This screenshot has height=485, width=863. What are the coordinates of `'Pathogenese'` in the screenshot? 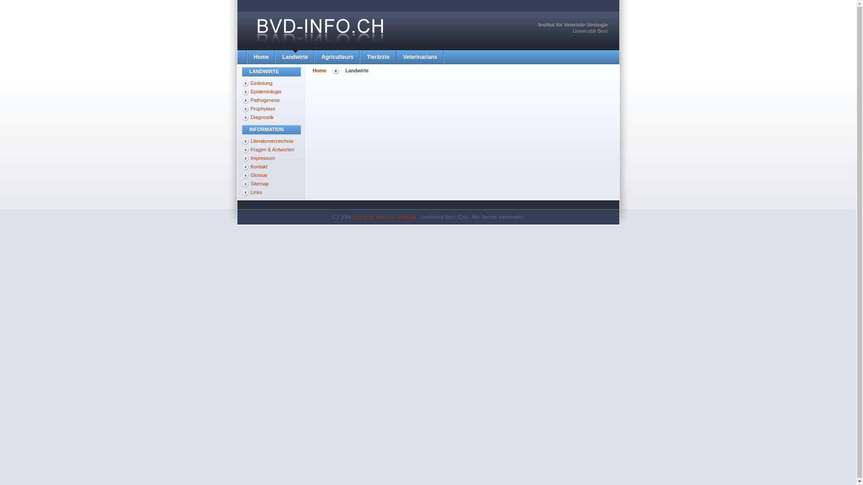 It's located at (271, 100).